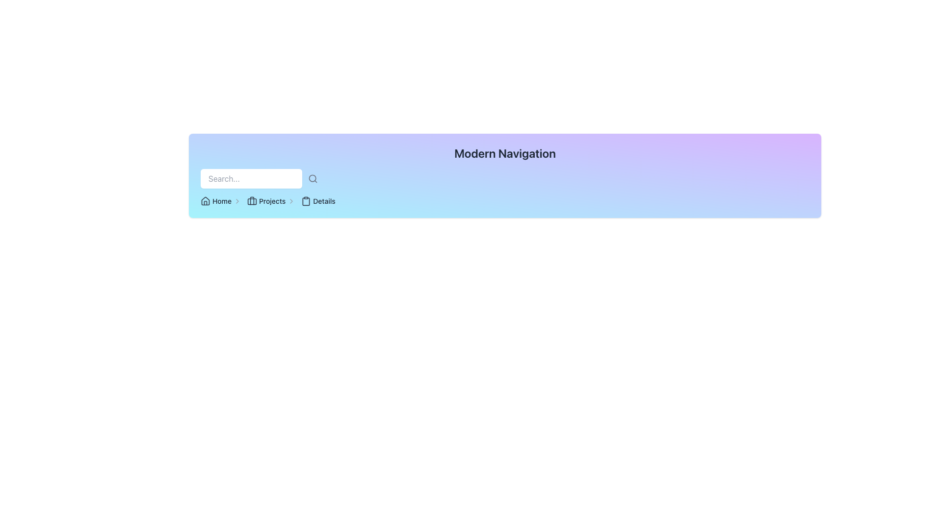 The image size is (942, 529). I want to click on the 'Home' icon, which is part of the navigation section, represented by a house-shaped icon located to the left side of the navigation bar, so click(205, 200).